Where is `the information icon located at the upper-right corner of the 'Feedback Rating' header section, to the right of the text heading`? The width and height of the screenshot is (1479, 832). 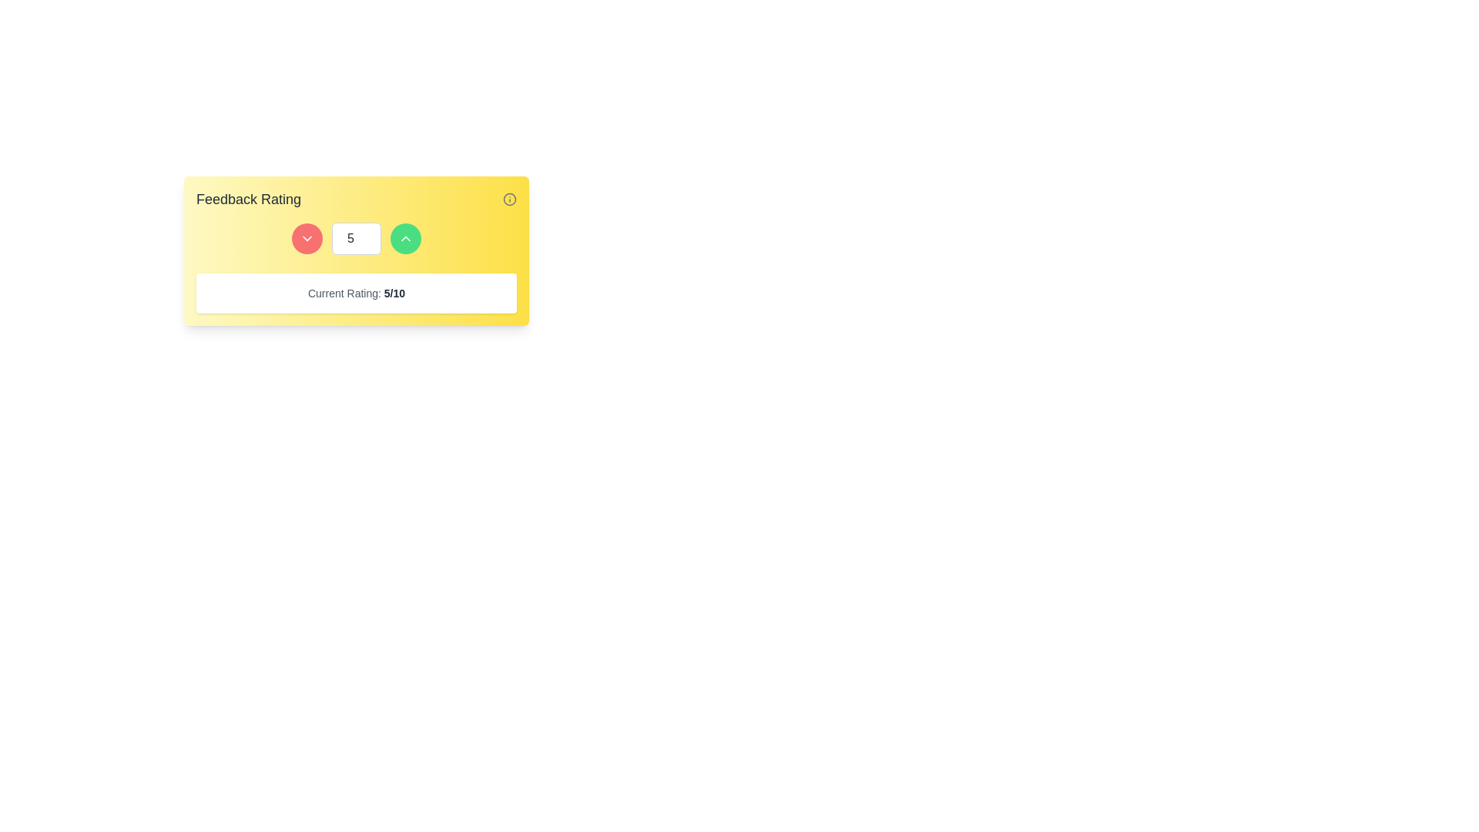 the information icon located at the upper-right corner of the 'Feedback Rating' header section, to the right of the text heading is located at coordinates (510, 198).